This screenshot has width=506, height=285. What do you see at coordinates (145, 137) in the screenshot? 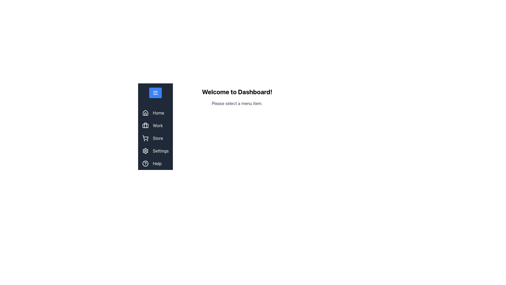
I see `the shopping cart icon located in the vertical navigation menu on the left side of the interface, specifically the central part of the icon which is the third entry from the top` at bounding box center [145, 137].